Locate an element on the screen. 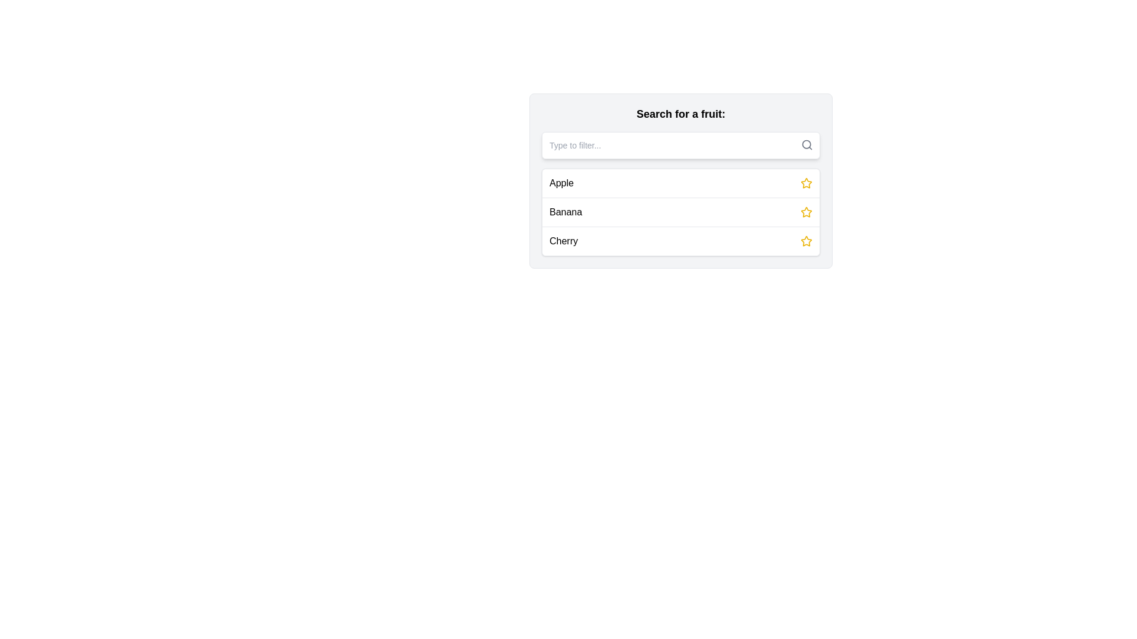  the label identifying the fruit 'Cherry' in the list of selectable items is located at coordinates (563, 241).